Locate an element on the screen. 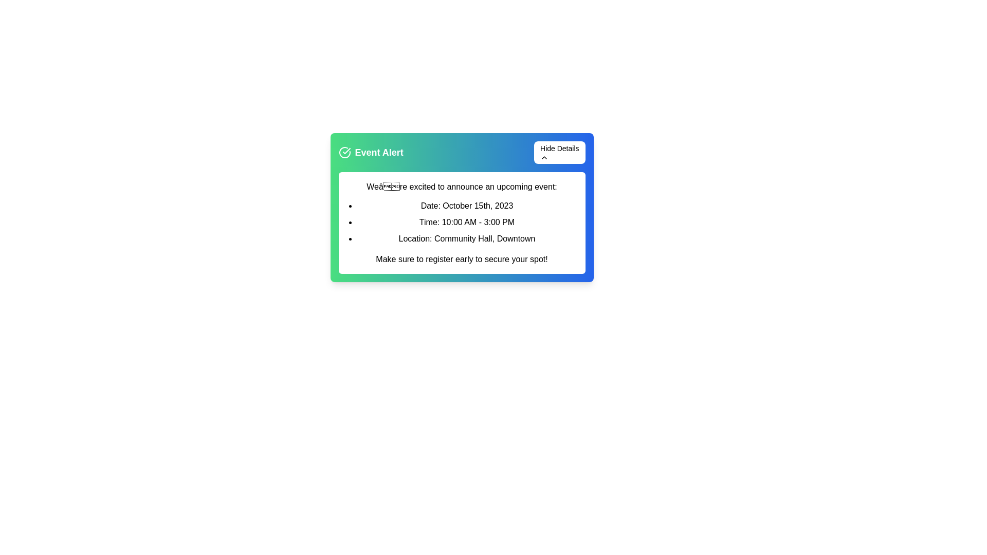 The width and height of the screenshot is (987, 555). the header text 'Event Alert' is located at coordinates (370, 153).